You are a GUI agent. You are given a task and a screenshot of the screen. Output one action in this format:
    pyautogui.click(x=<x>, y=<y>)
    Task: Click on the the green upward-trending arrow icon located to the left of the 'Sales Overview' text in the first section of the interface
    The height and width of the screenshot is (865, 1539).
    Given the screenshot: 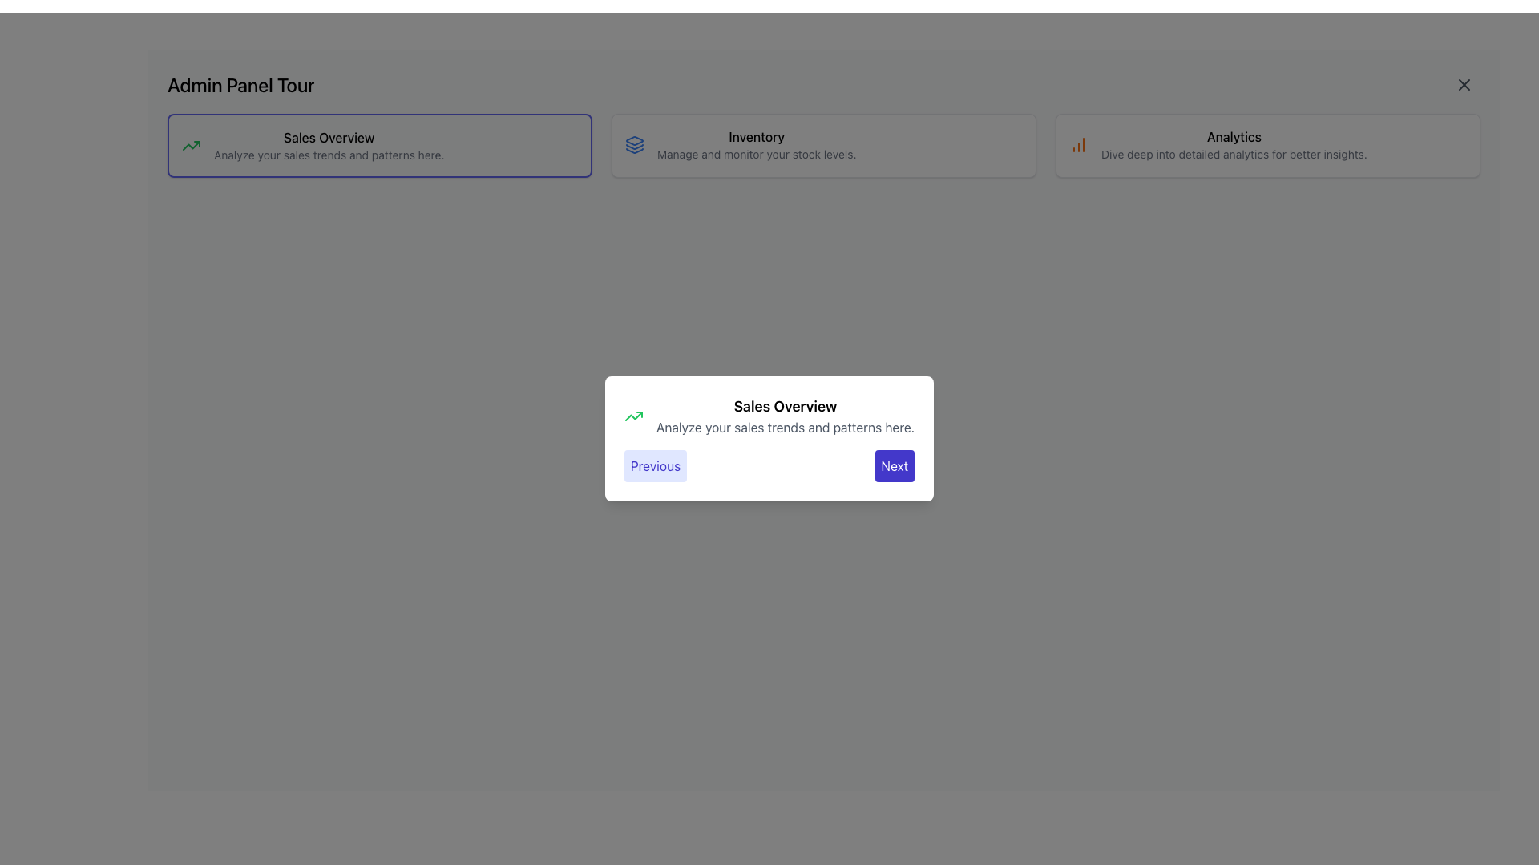 What is the action you would take?
    pyautogui.click(x=192, y=145)
    